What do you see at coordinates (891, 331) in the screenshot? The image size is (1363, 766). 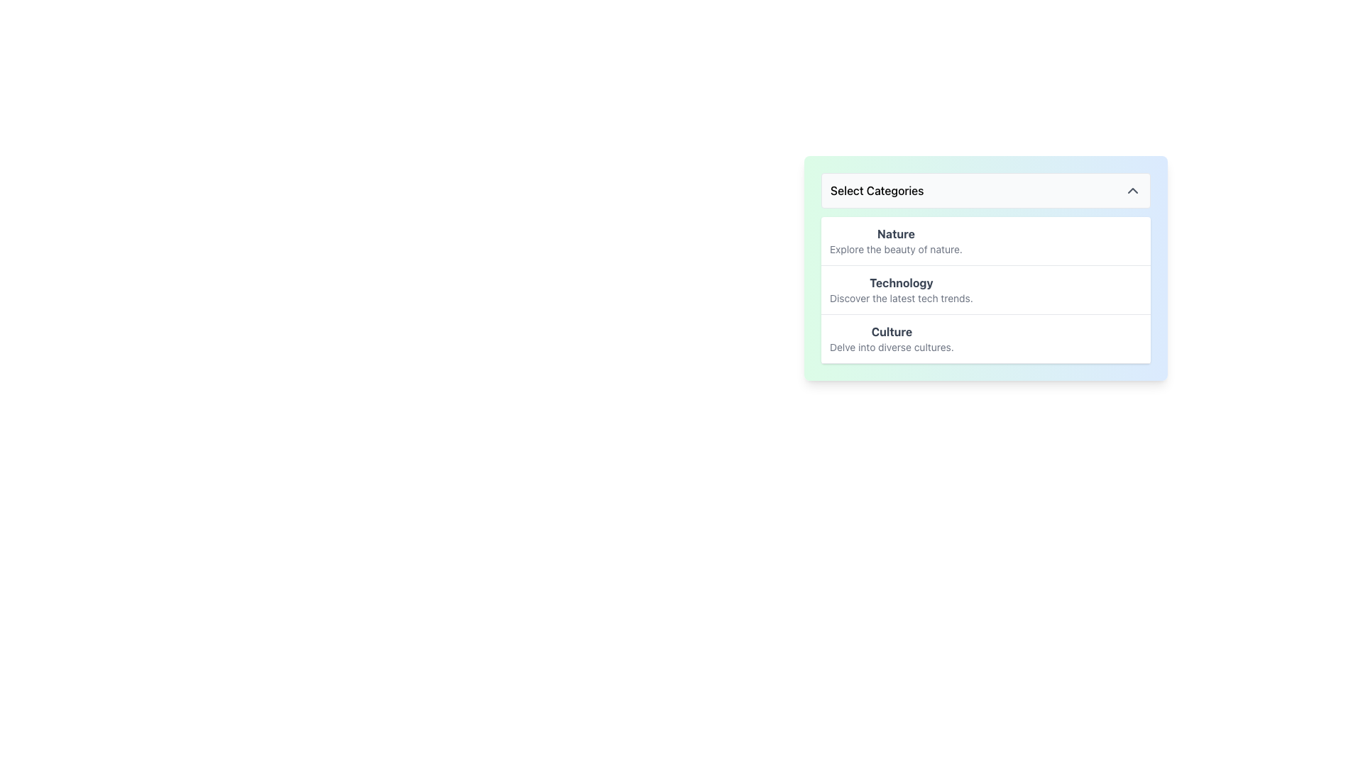 I see `the 'Culture' text label located in the third row of the 'Select Categories' list, which introduces the topic and is positioned above the description 'Delve into diverse cultures.'` at bounding box center [891, 331].